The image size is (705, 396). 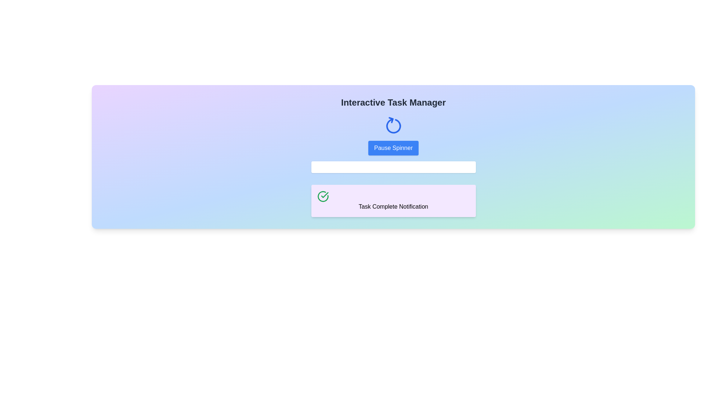 What do you see at coordinates (323, 196) in the screenshot?
I see `the green circular checkmark icon associated with the 'Task Complete Notification', which is located to the left of the notification text` at bounding box center [323, 196].